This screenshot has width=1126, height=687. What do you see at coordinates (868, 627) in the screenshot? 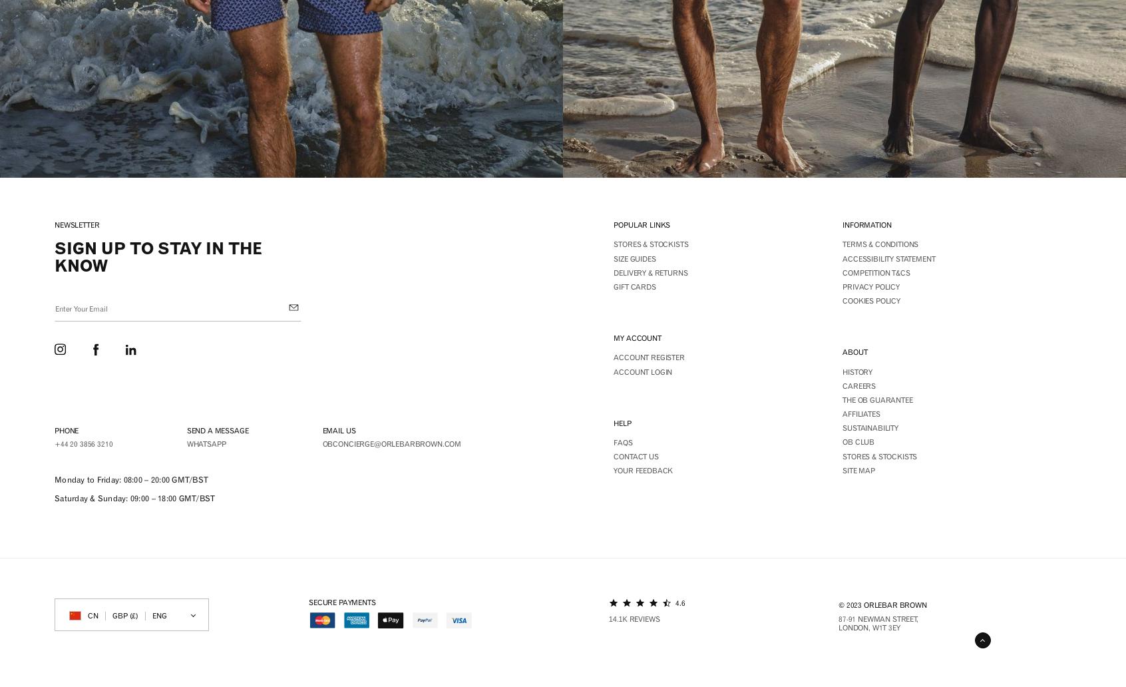
I see `'London, W1T 3EY'` at bounding box center [868, 627].